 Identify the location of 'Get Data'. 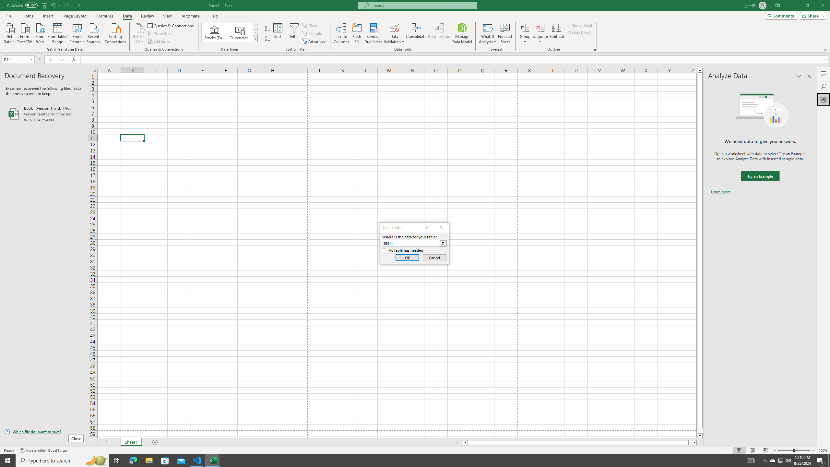
(9, 32).